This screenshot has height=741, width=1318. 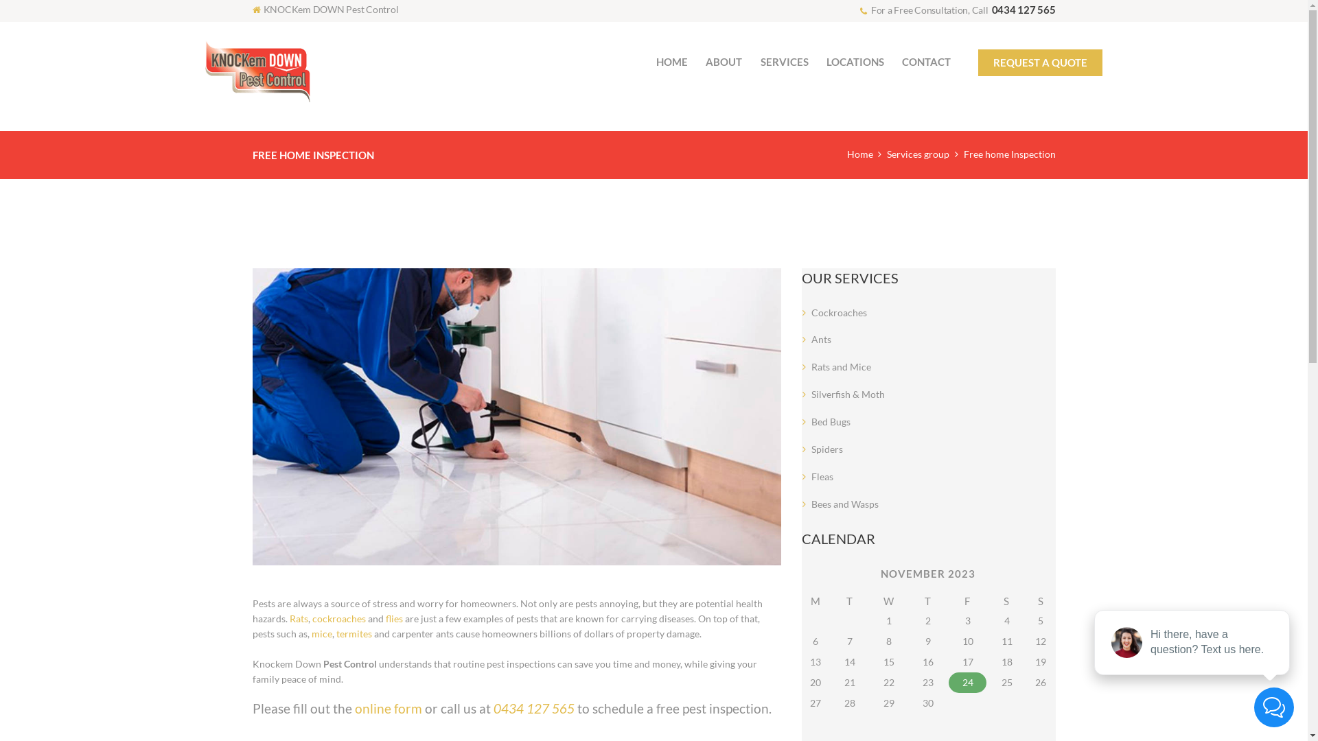 I want to click on 'Rats', so click(x=298, y=618).